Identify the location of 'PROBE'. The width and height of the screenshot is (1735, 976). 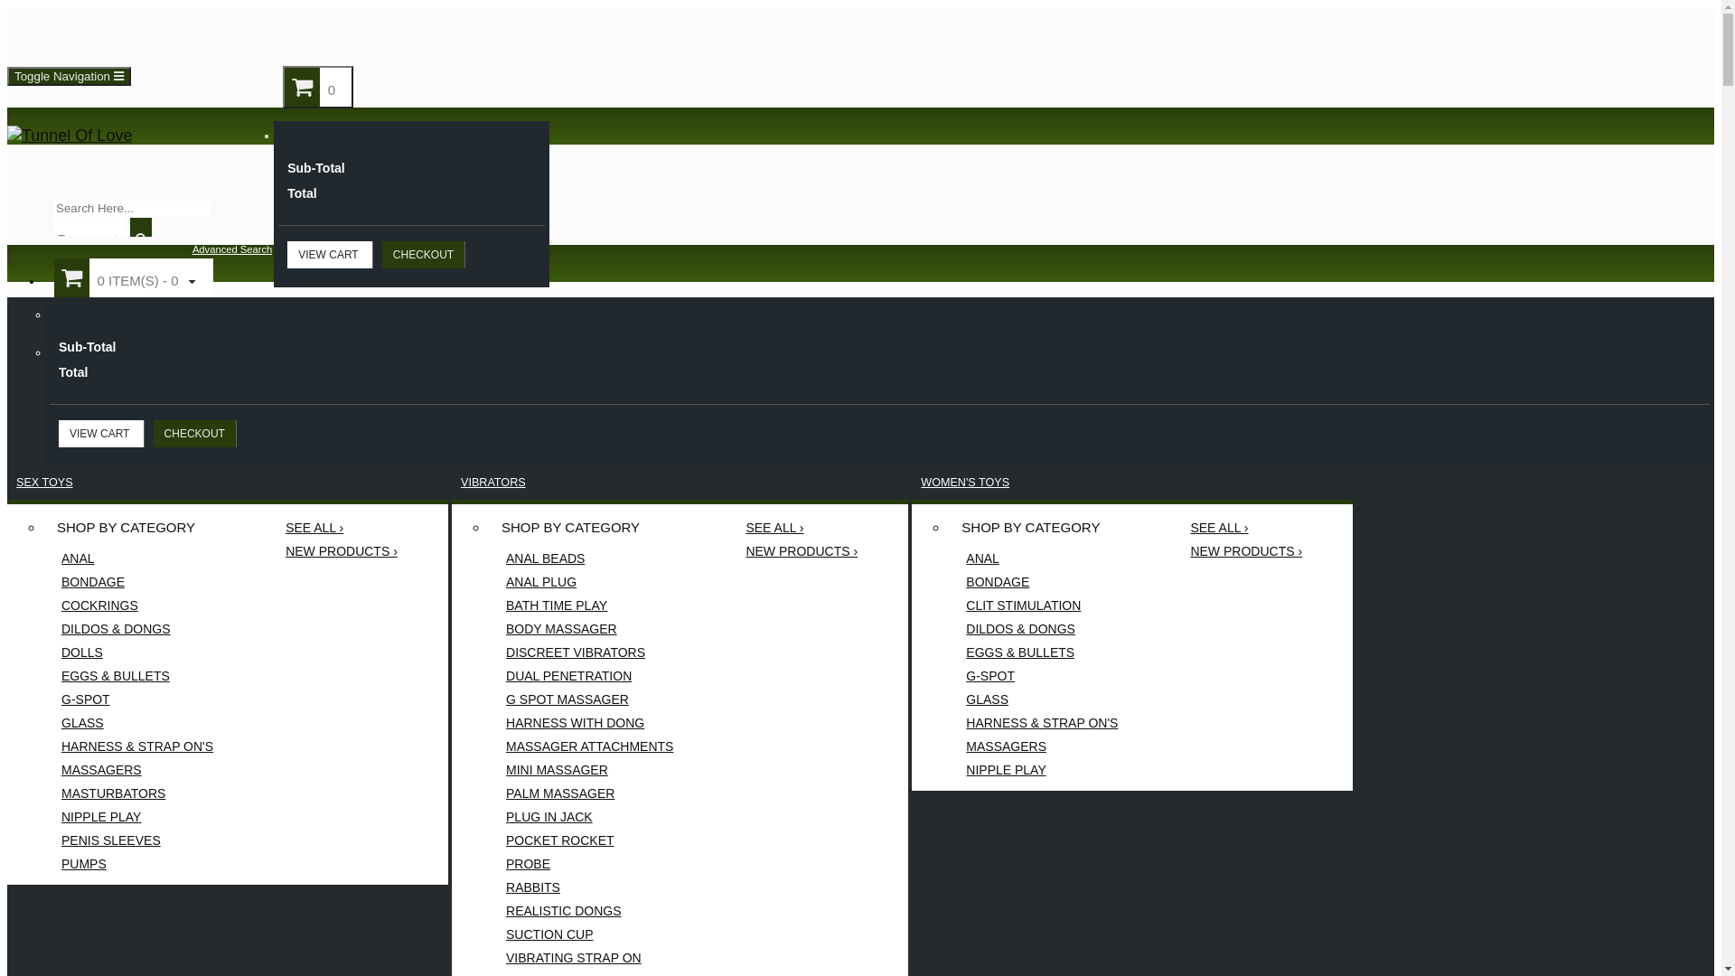
(487, 863).